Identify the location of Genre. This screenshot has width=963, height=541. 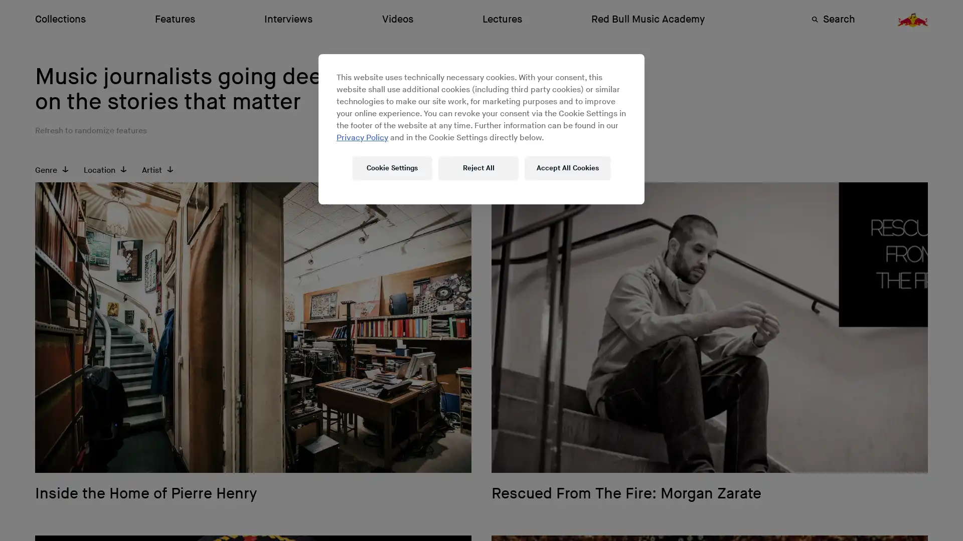
(51, 169).